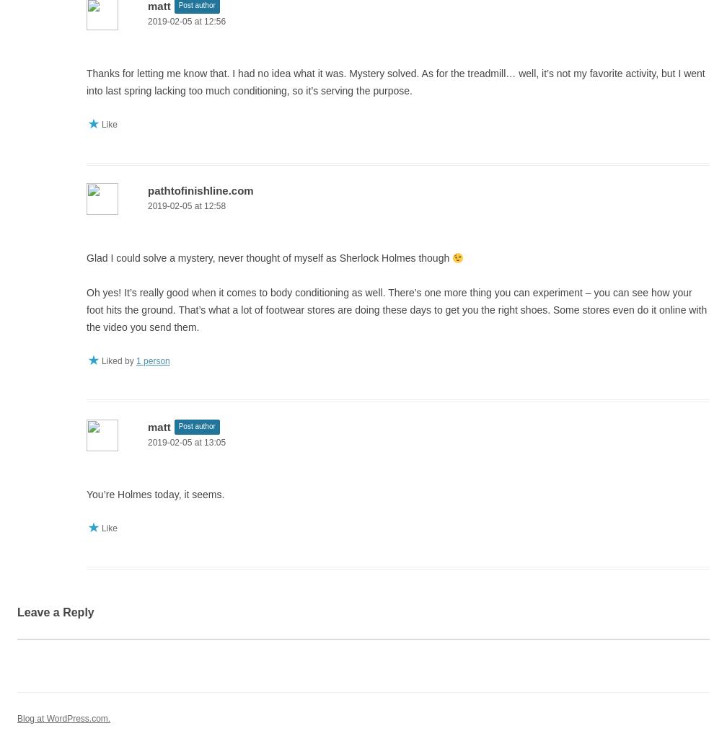 Image resolution: width=727 pixels, height=744 pixels. What do you see at coordinates (395, 82) in the screenshot?
I see `'Thanks for letting me know that.  I had no idea what it was.  Mystery solved.  As for the treadmill… well, it’s not my favorite activity, but I went into last spring lacking too much conditioning, so it’s serving the purpose.'` at bounding box center [395, 82].